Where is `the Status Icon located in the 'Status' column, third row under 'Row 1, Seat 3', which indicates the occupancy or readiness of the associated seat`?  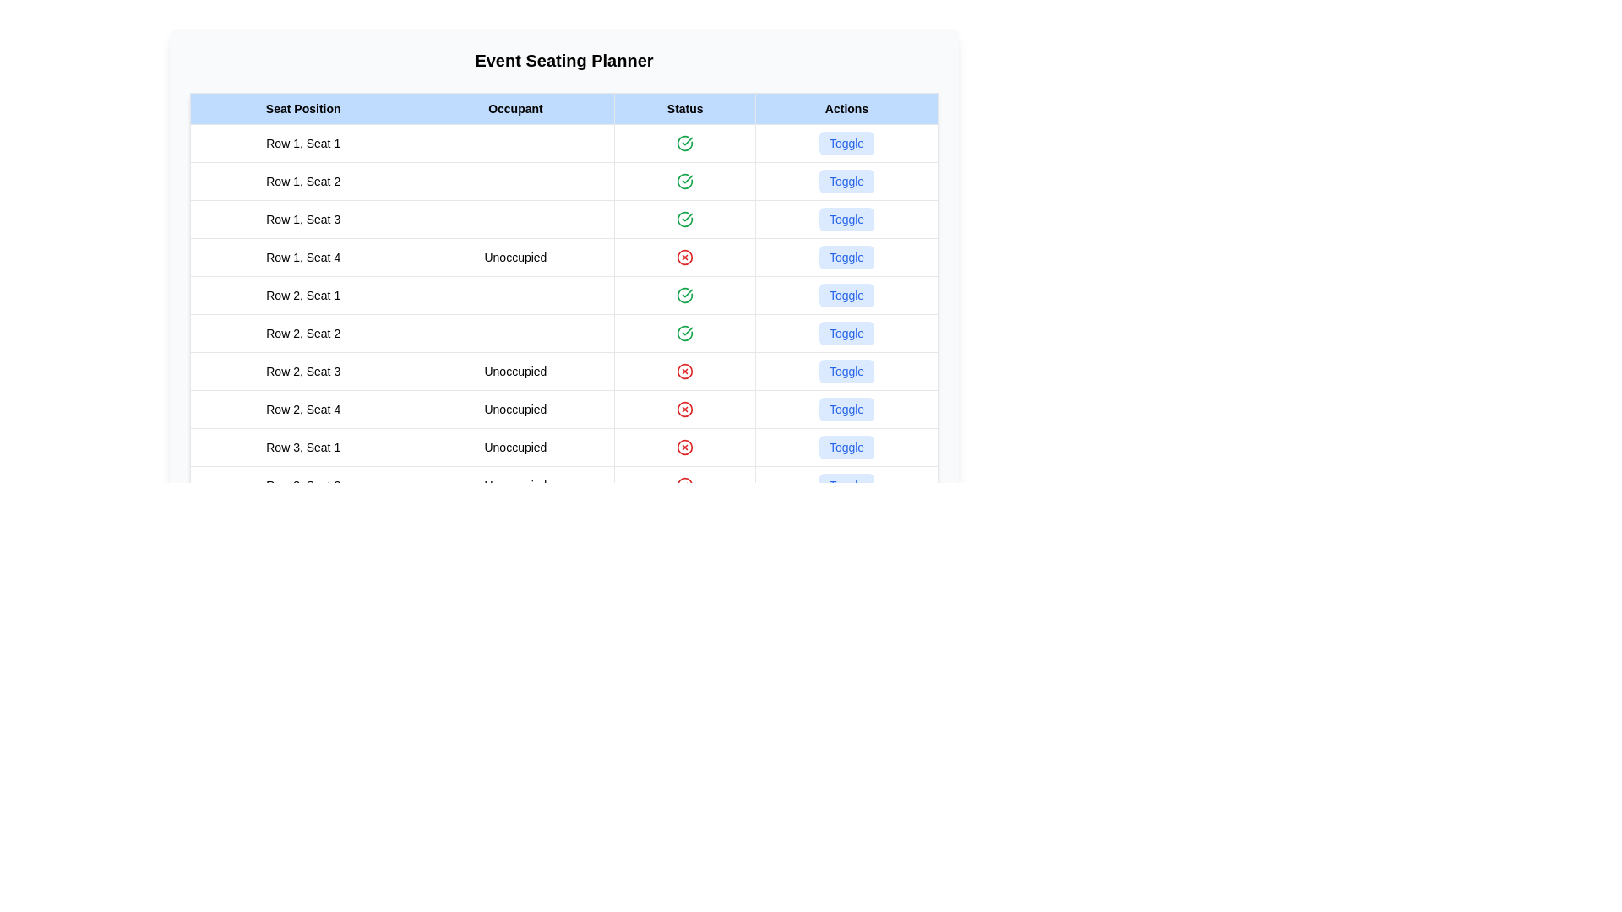 the Status Icon located in the 'Status' column, third row under 'Row 1, Seat 3', which indicates the occupancy or readiness of the associated seat is located at coordinates (685, 218).